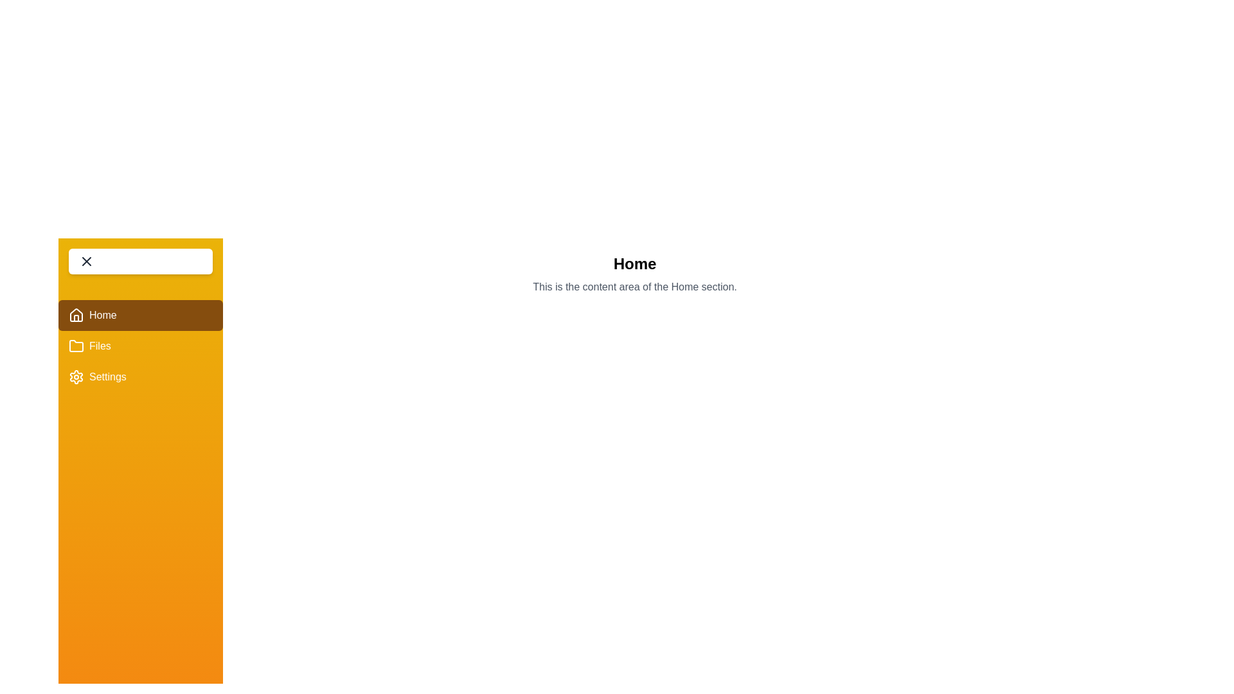 The width and height of the screenshot is (1234, 694). I want to click on the Home tab in the navigation menu, so click(141, 315).